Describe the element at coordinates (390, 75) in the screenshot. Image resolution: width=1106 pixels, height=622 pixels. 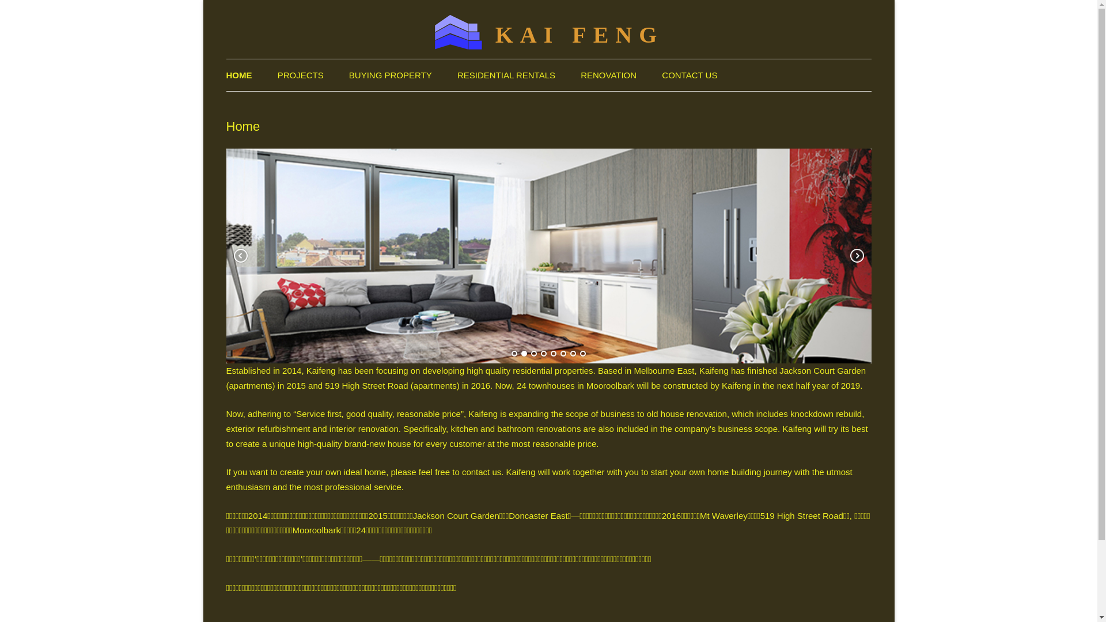
I see `'BUYING PROPERTY'` at that location.